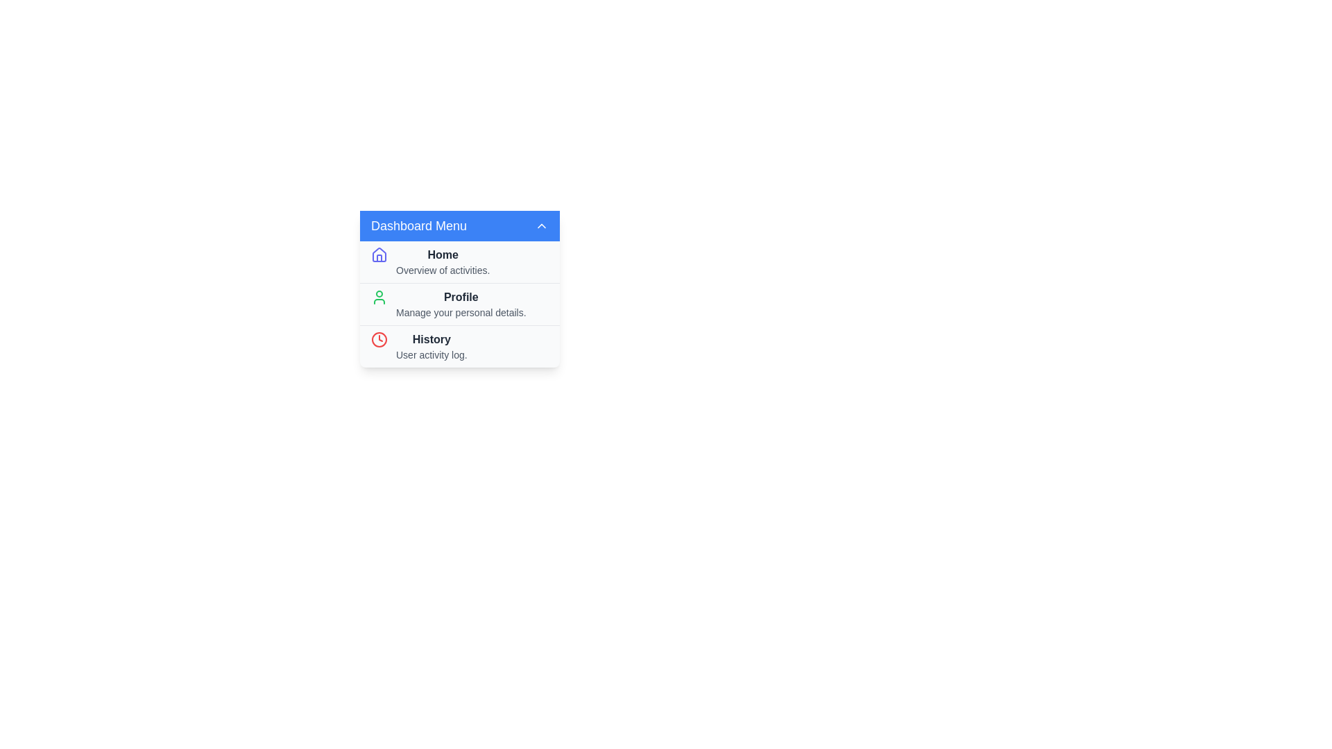  What do you see at coordinates (459, 303) in the screenshot?
I see `the 'Profile' menu option in the Dashboard Menu` at bounding box center [459, 303].